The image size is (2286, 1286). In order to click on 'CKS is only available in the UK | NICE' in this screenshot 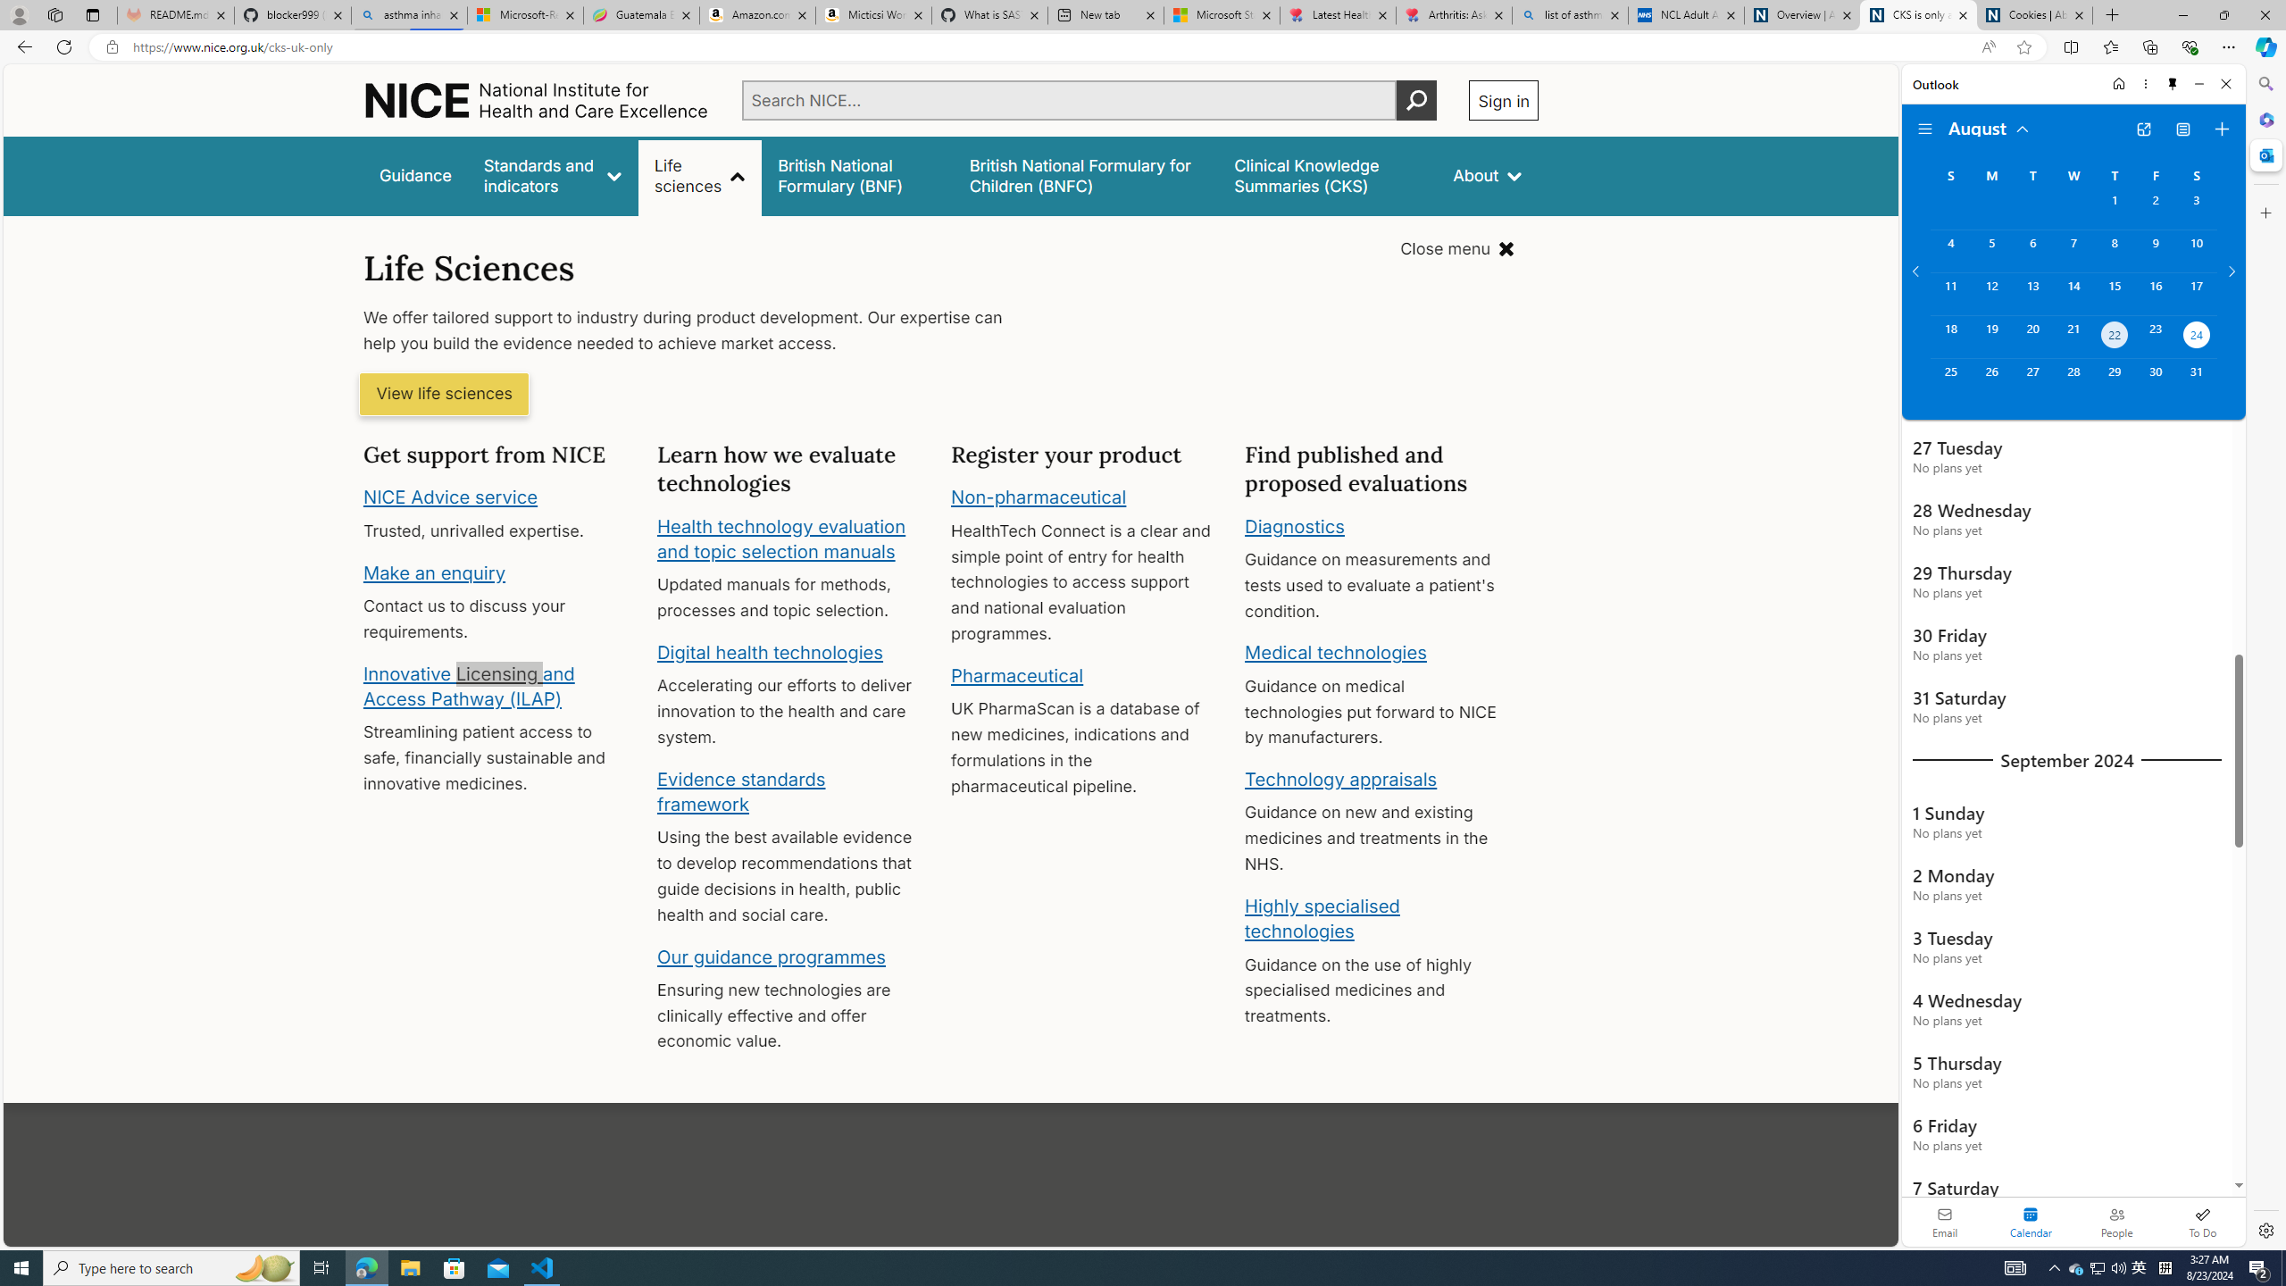, I will do `click(1918, 14)`.